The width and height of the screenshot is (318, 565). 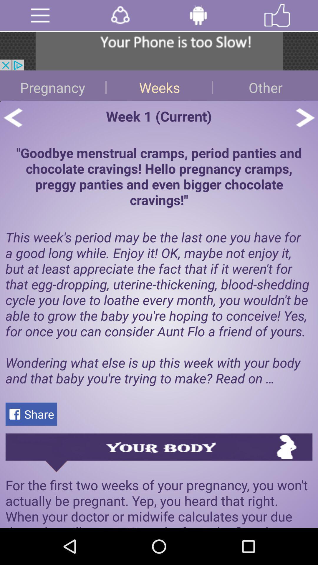 What do you see at coordinates (13, 117) in the screenshot?
I see `go back` at bounding box center [13, 117].